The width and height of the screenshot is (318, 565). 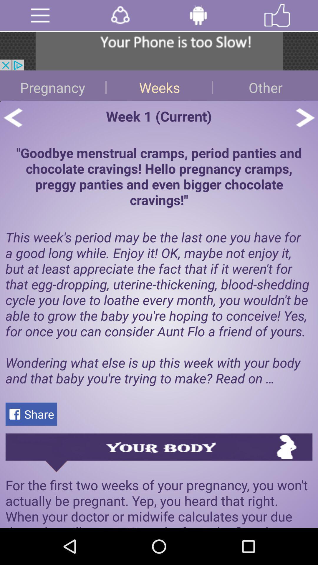 What do you see at coordinates (13, 117) in the screenshot?
I see `go back` at bounding box center [13, 117].